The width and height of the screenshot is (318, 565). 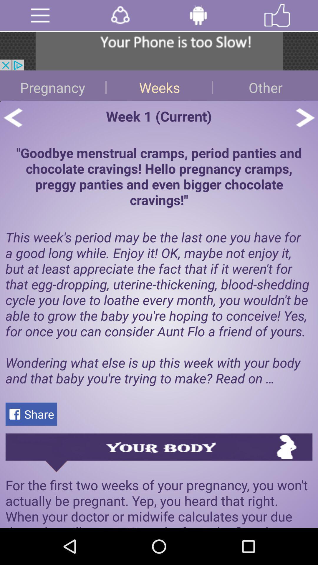 What do you see at coordinates (13, 117) in the screenshot?
I see `go back` at bounding box center [13, 117].